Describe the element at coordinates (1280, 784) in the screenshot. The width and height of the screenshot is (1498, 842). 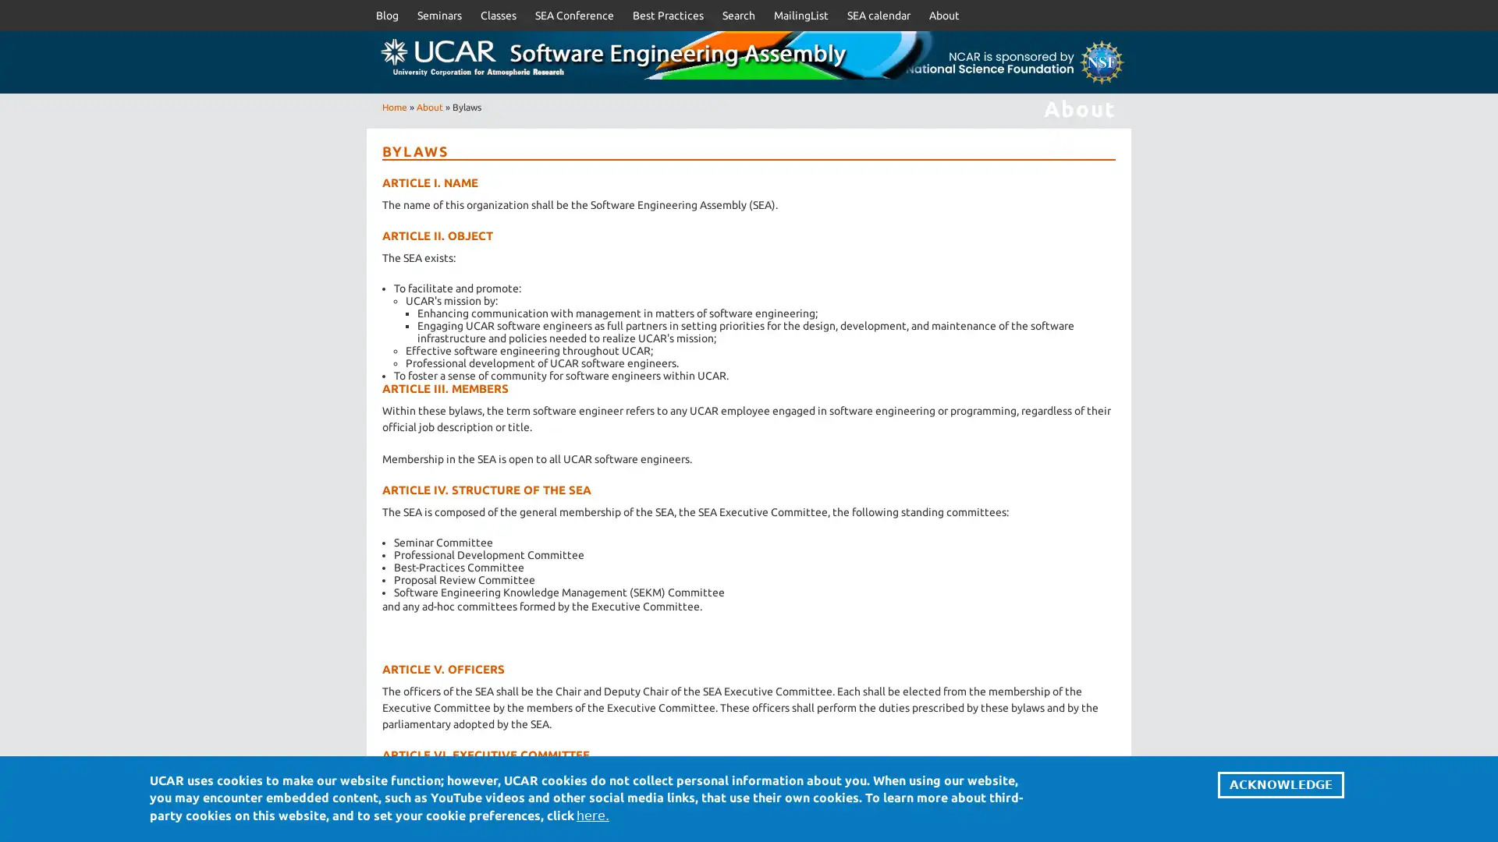
I see `ACKNOWLEDGE` at that location.